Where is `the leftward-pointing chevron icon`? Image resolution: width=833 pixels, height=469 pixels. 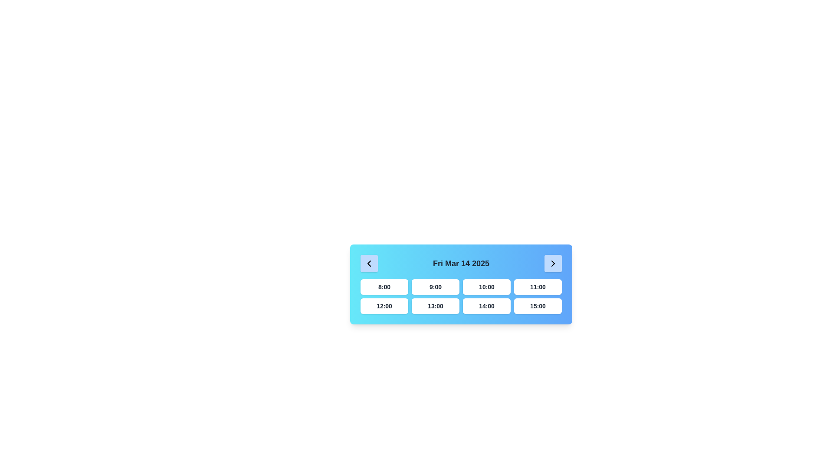 the leftward-pointing chevron icon is located at coordinates (369, 263).